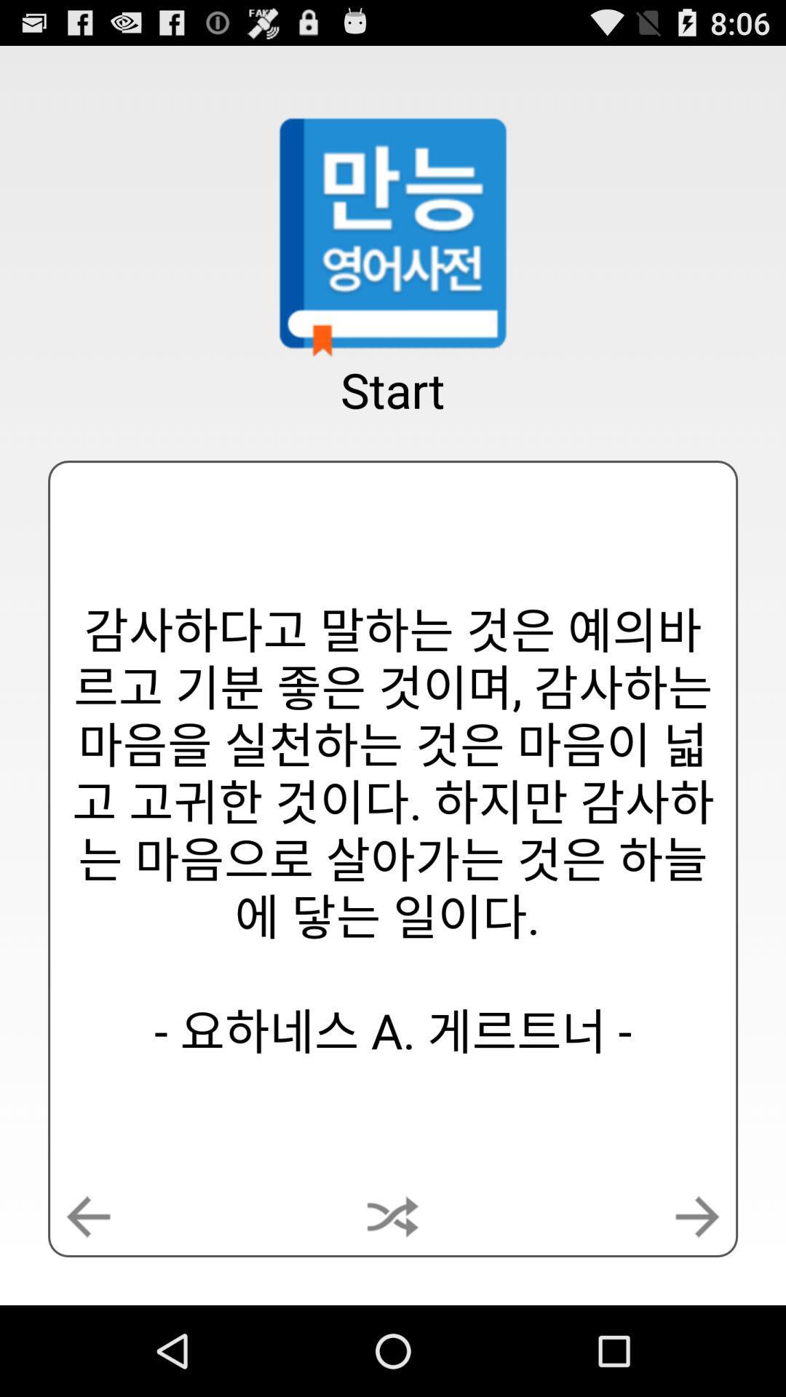  I want to click on icon below the start app, so click(393, 1217).